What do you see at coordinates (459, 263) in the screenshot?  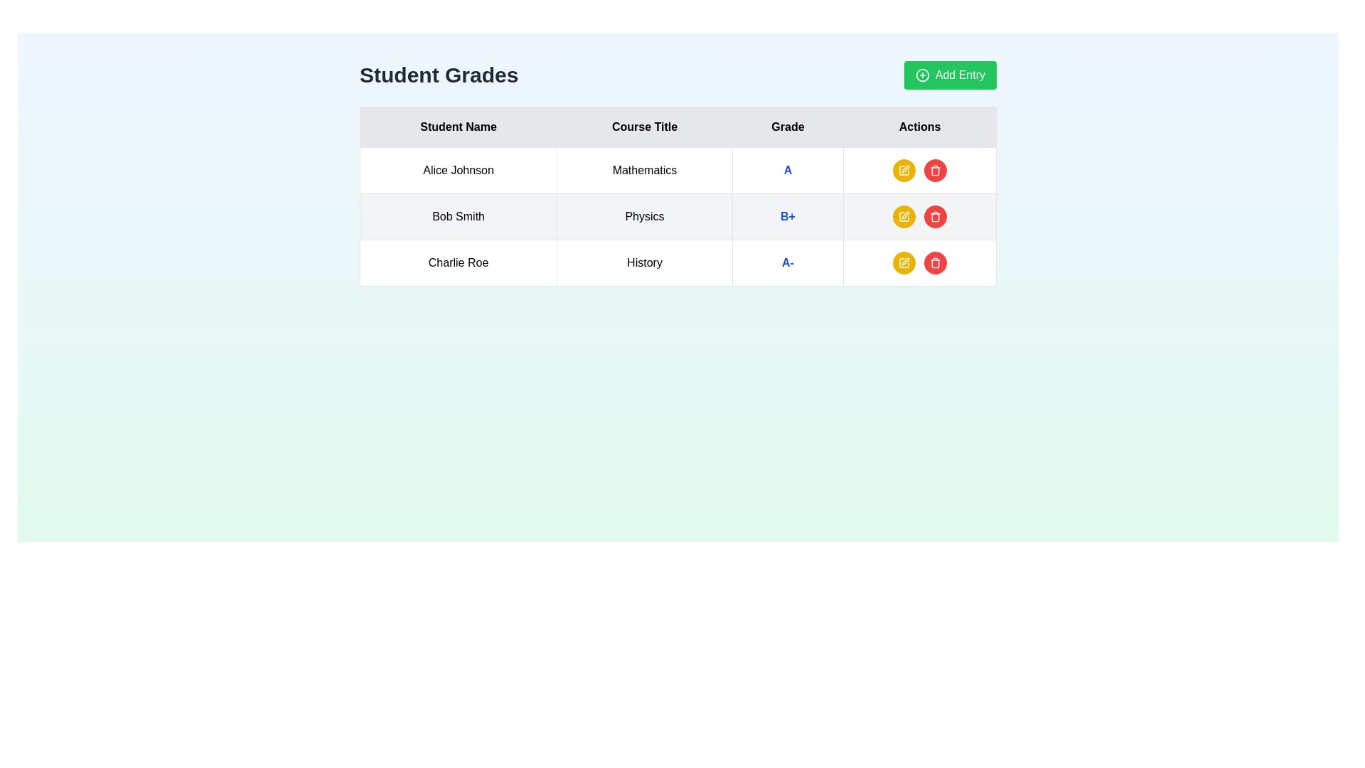 I see `the static text displaying the student's name located` at bounding box center [459, 263].